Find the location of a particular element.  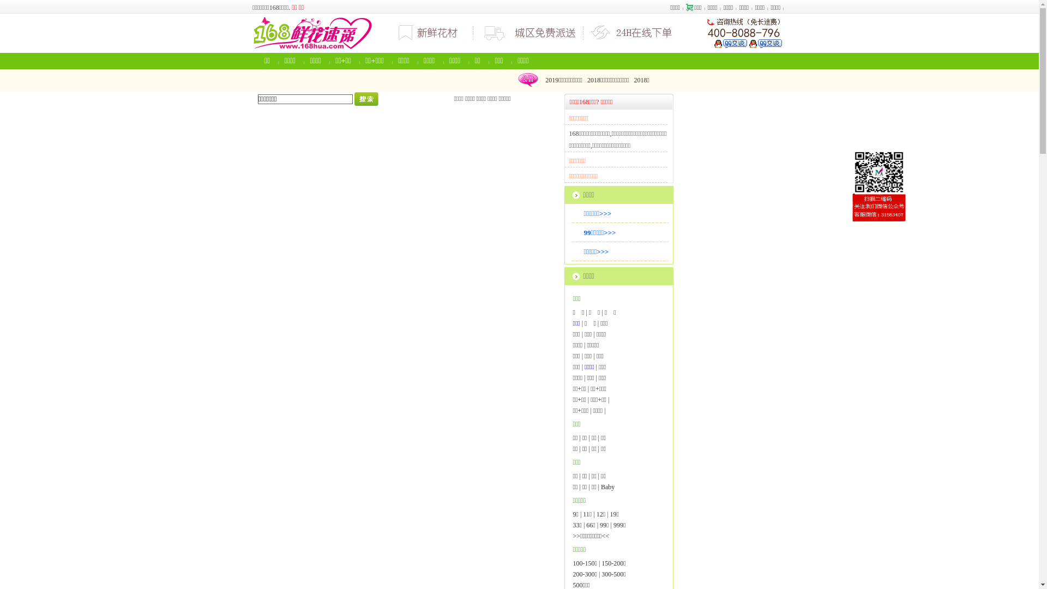

'Baby' is located at coordinates (600, 486).